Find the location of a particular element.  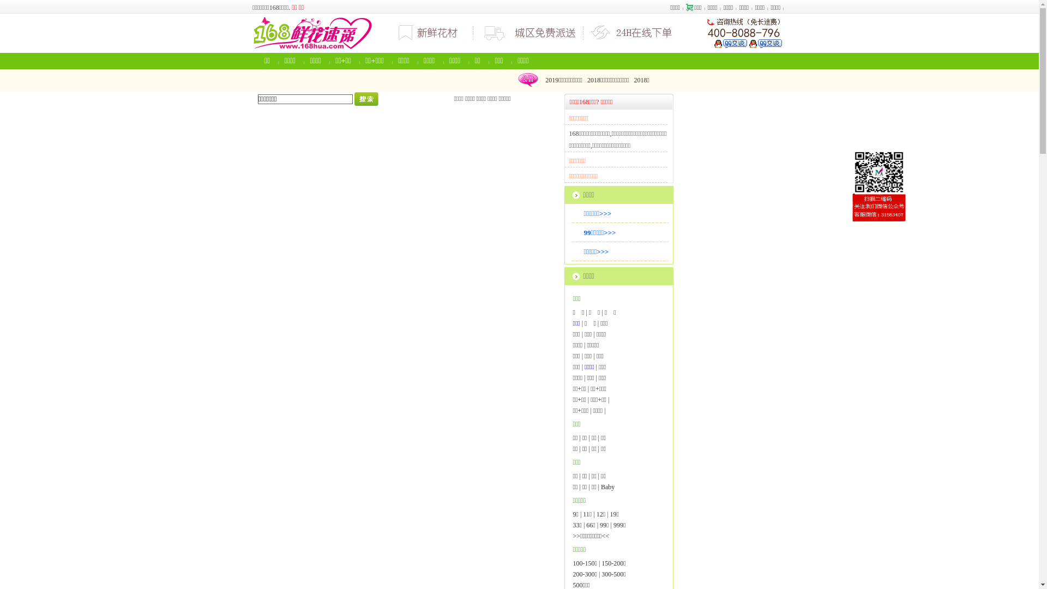

'Baby' is located at coordinates (600, 486).